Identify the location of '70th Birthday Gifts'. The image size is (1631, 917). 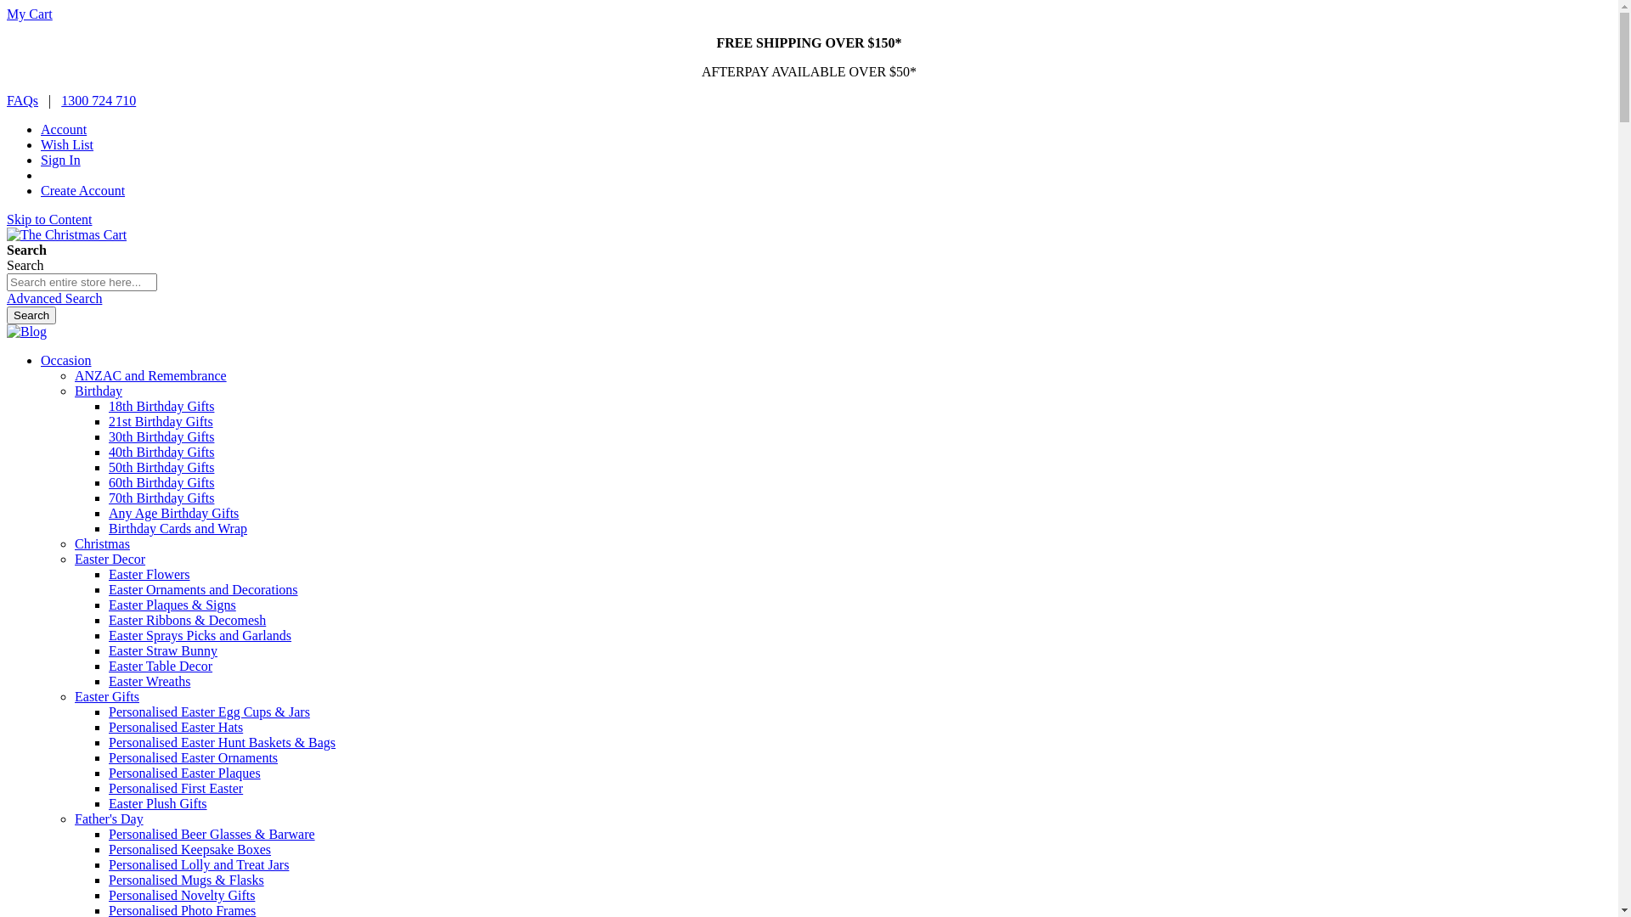
(161, 497).